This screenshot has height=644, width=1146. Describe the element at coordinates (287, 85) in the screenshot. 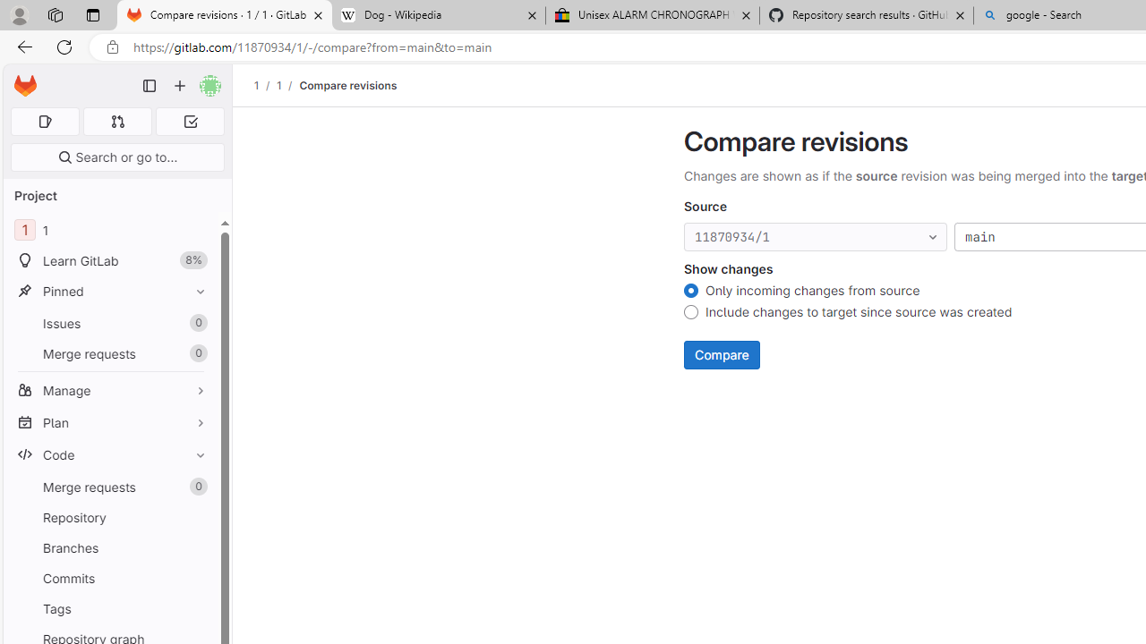

I see `'1/'` at that location.